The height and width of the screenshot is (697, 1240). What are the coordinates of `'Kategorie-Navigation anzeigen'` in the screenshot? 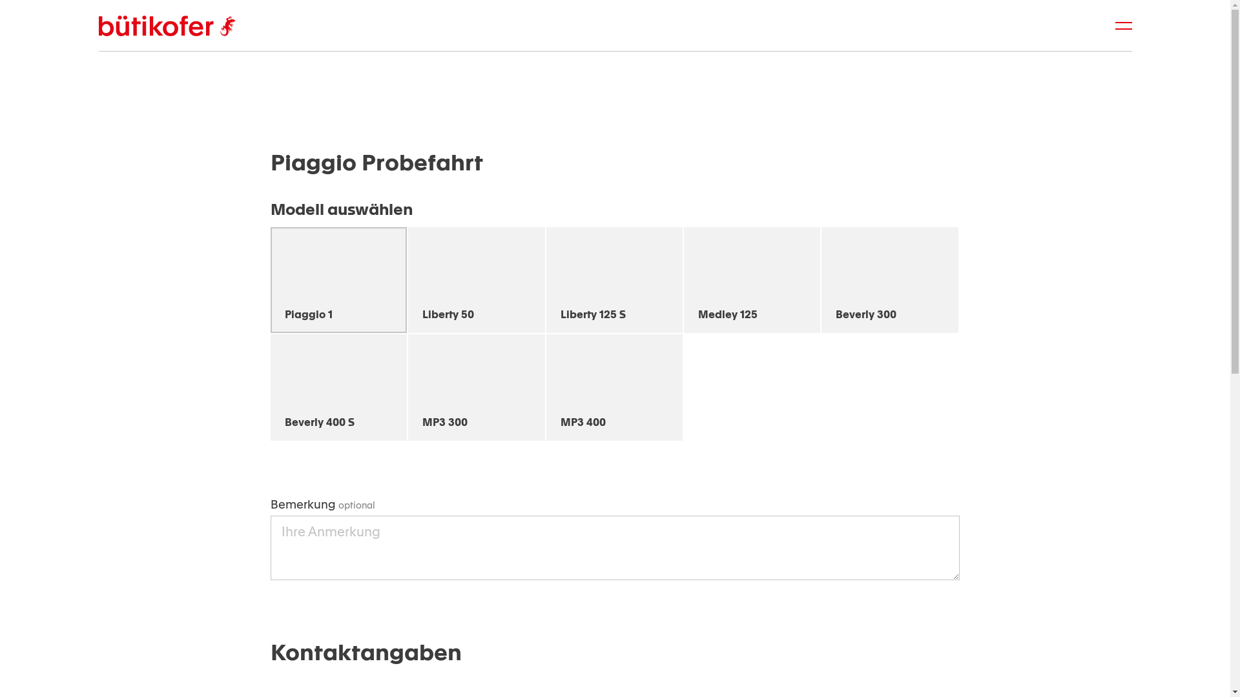 It's located at (1122, 25).